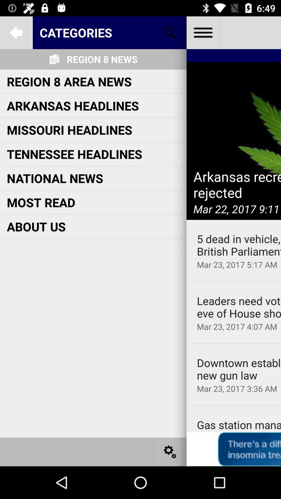  What do you see at coordinates (170, 451) in the screenshot?
I see `the settings icon` at bounding box center [170, 451].